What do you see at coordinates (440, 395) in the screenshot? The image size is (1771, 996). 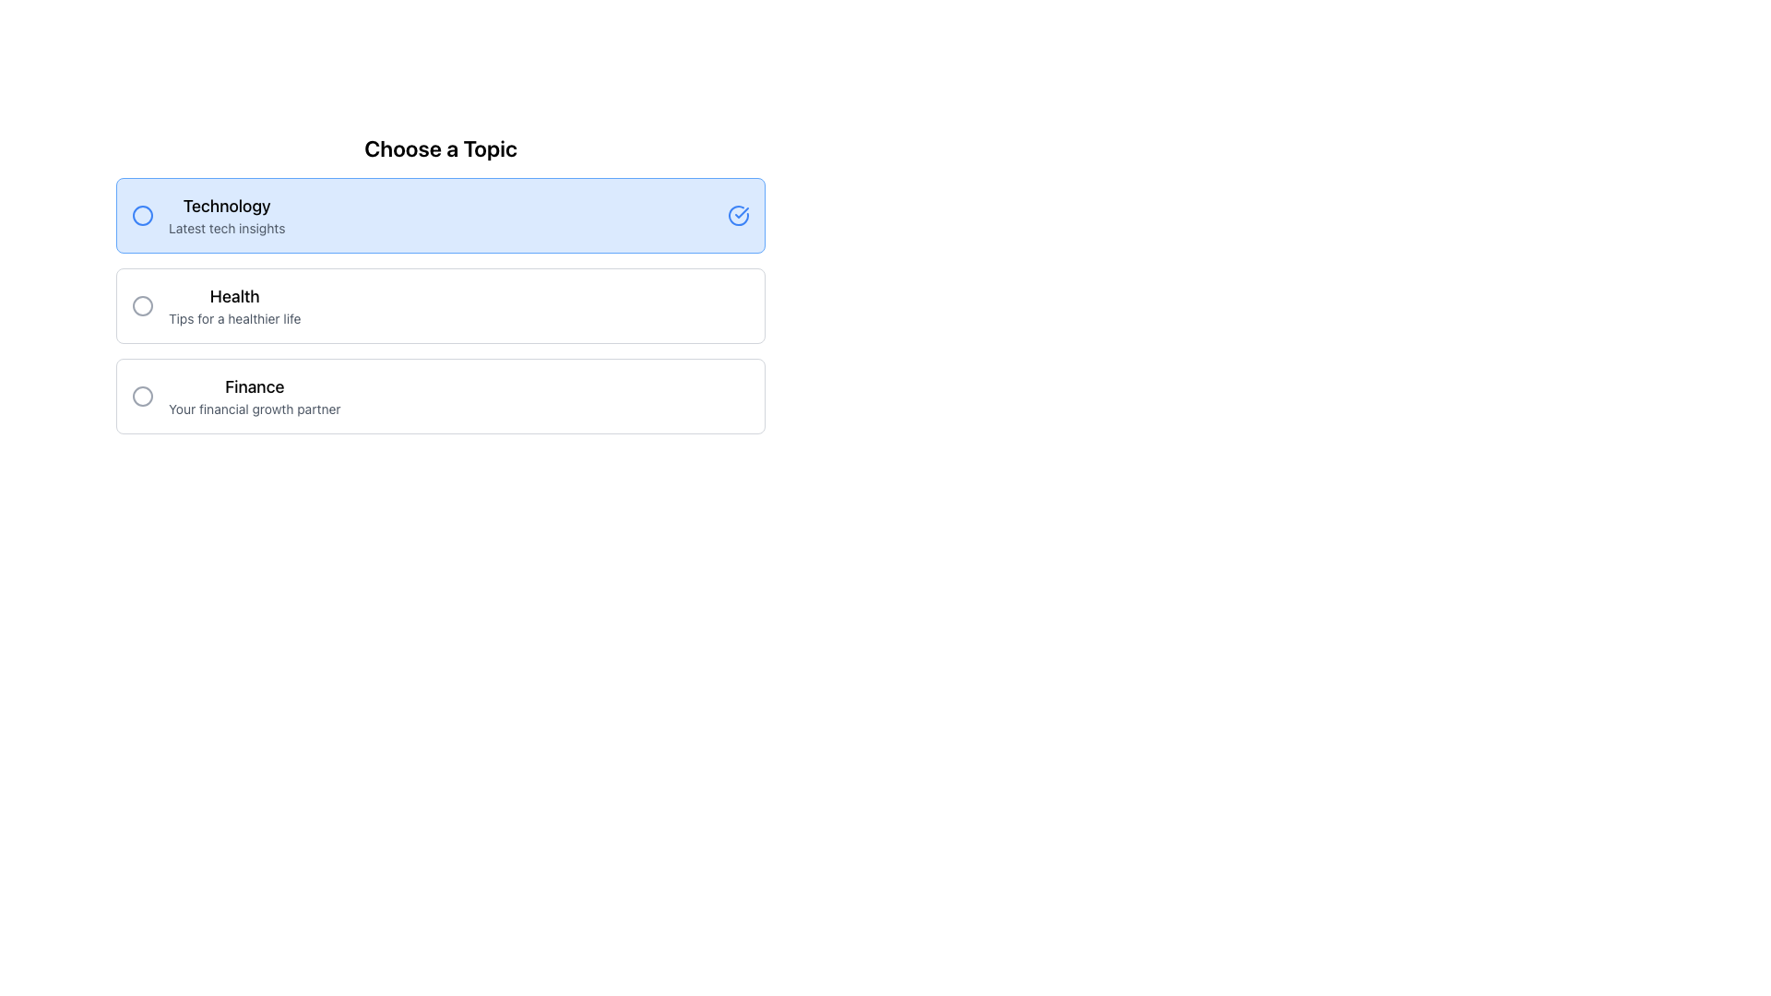 I see `the 'Finance' button, which is the third option in the 'Choose a Topic' section` at bounding box center [440, 395].